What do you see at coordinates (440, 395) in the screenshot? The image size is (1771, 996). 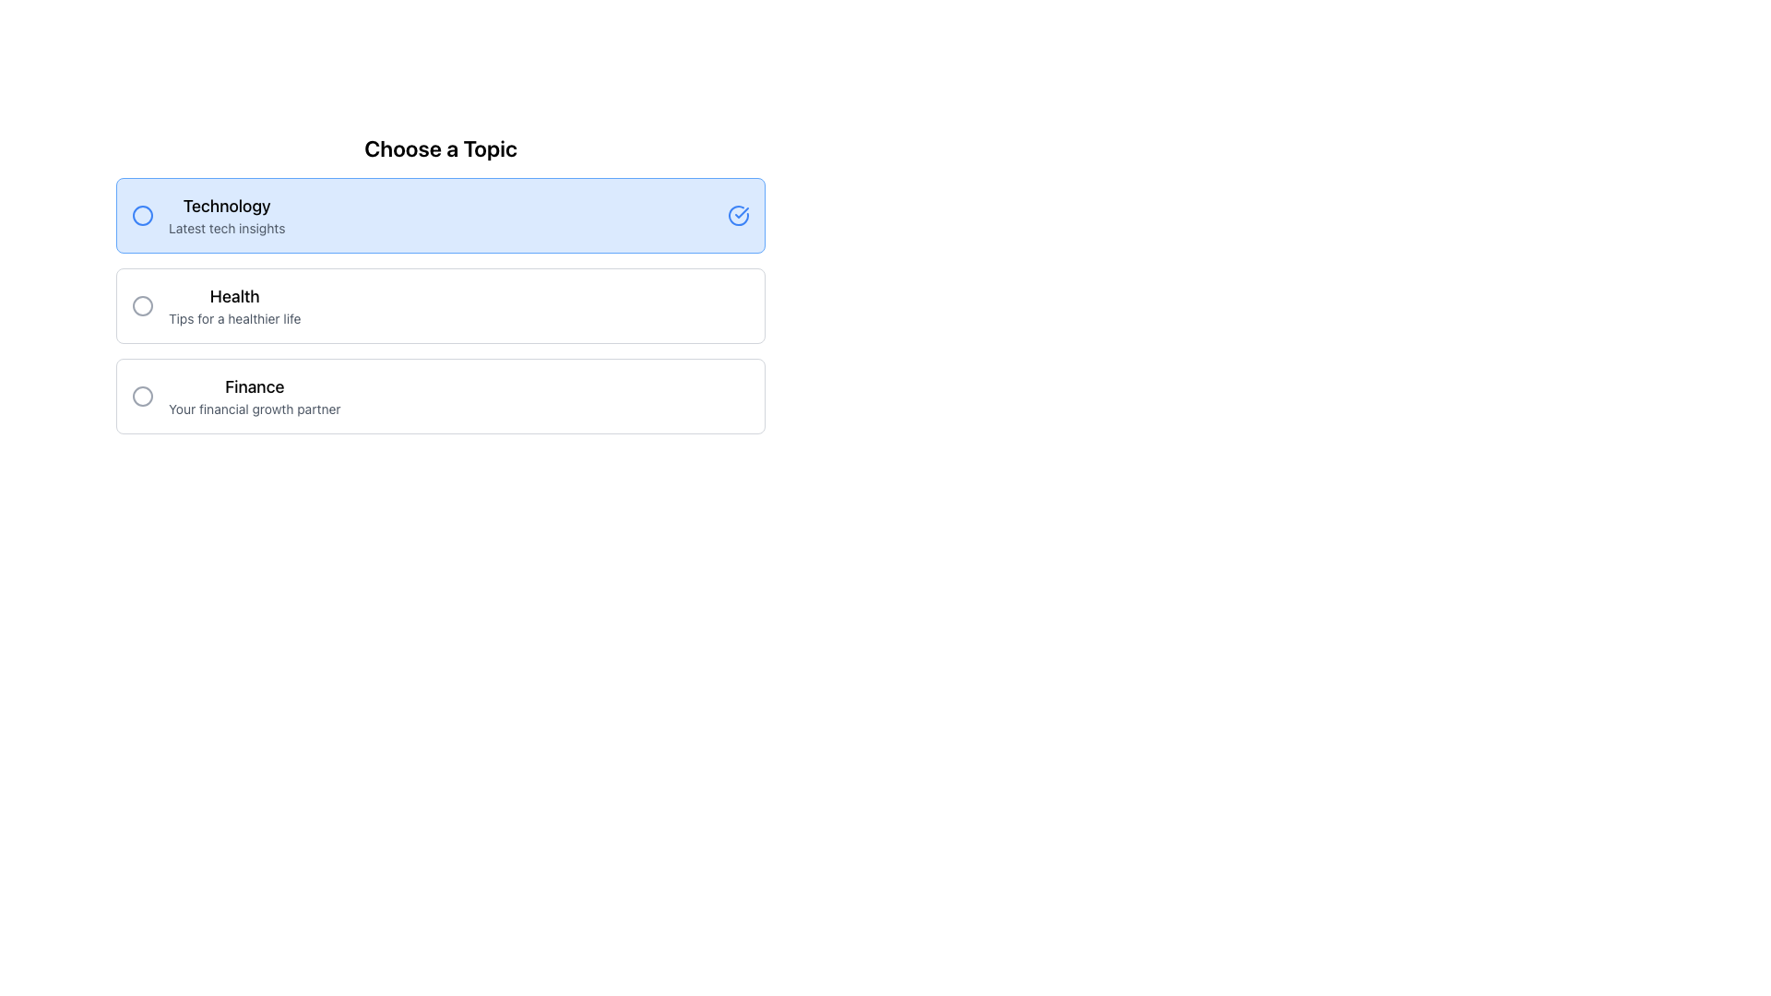 I see `the 'Finance' button, which is the third option in the 'Choose a Topic' section` at bounding box center [440, 395].